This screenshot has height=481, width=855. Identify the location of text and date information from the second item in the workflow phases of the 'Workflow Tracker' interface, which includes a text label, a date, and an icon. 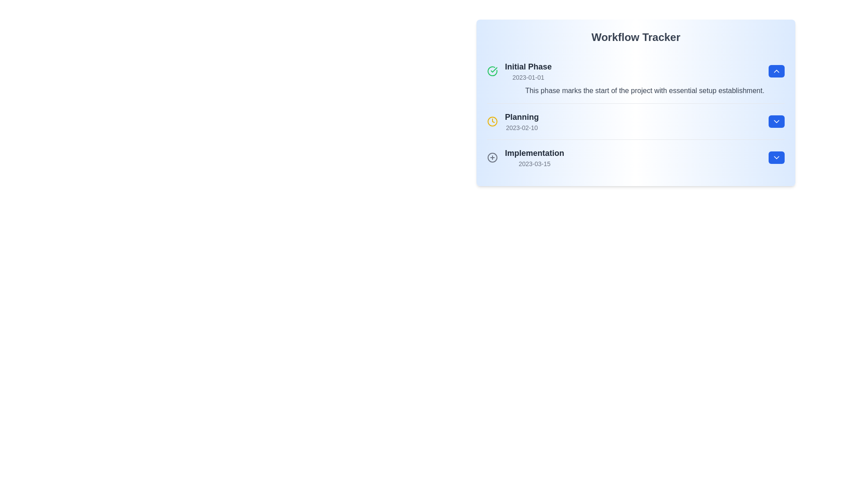
(513, 122).